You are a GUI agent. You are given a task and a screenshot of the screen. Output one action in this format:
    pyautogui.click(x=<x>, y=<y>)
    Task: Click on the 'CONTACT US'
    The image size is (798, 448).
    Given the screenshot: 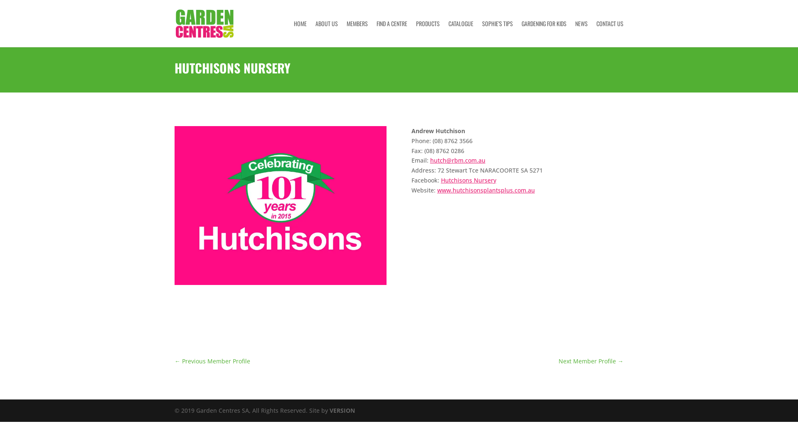 What is the action you would take?
    pyautogui.click(x=610, y=33)
    